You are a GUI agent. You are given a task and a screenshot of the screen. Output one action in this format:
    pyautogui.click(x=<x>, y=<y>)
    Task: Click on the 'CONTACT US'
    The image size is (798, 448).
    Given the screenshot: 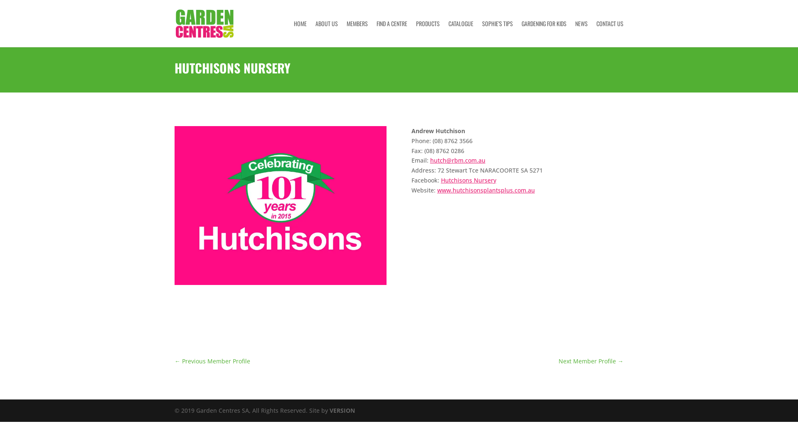 What is the action you would take?
    pyautogui.click(x=610, y=33)
    